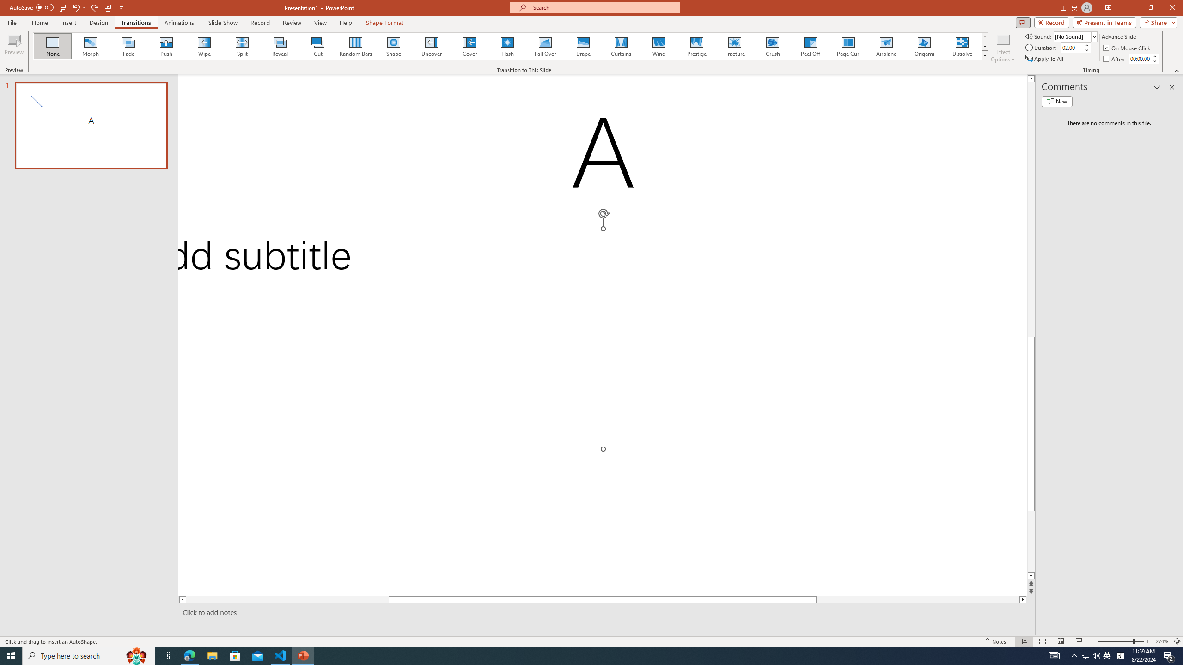 The height and width of the screenshot is (665, 1183). I want to click on 'Morph', so click(91, 46).